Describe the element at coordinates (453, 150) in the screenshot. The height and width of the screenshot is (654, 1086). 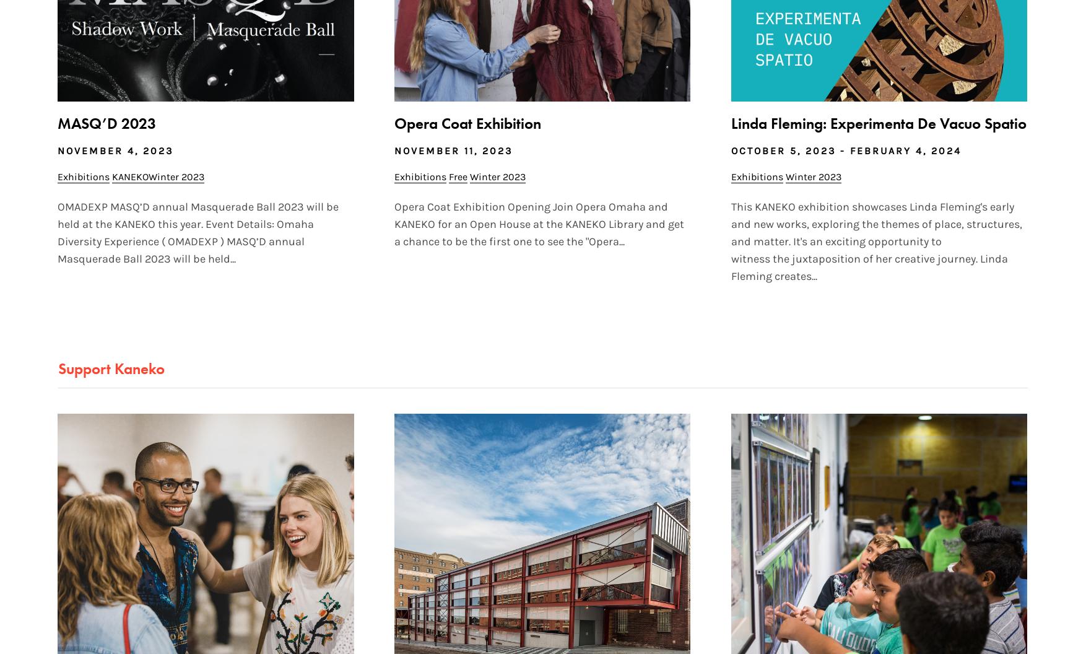
I see `'November 11, 2023'` at that location.